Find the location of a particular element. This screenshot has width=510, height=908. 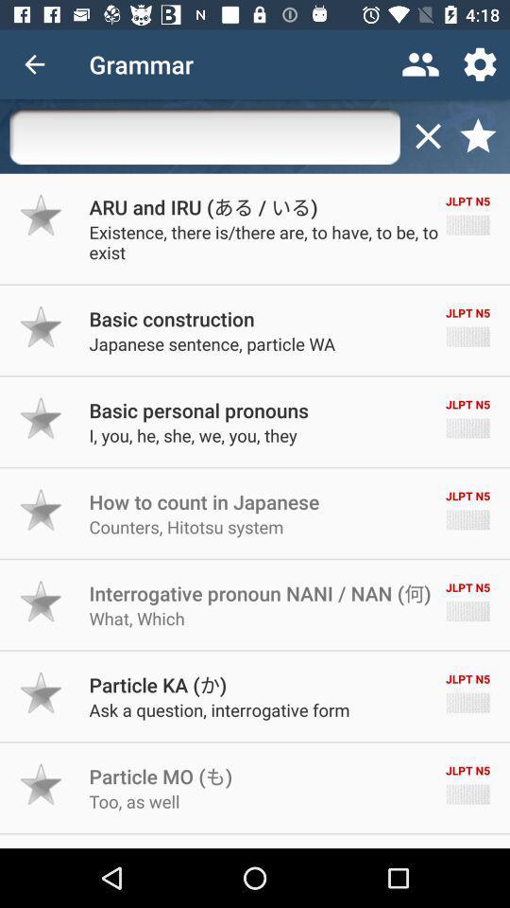

to favorites is located at coordinates (42, 326).